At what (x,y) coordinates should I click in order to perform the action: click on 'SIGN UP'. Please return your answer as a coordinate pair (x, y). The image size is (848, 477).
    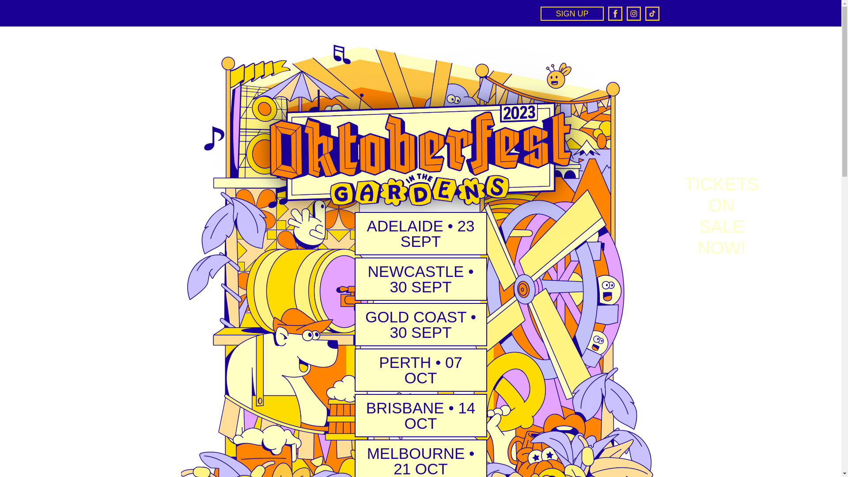
    Looking at the image, I should click on (572, 13).